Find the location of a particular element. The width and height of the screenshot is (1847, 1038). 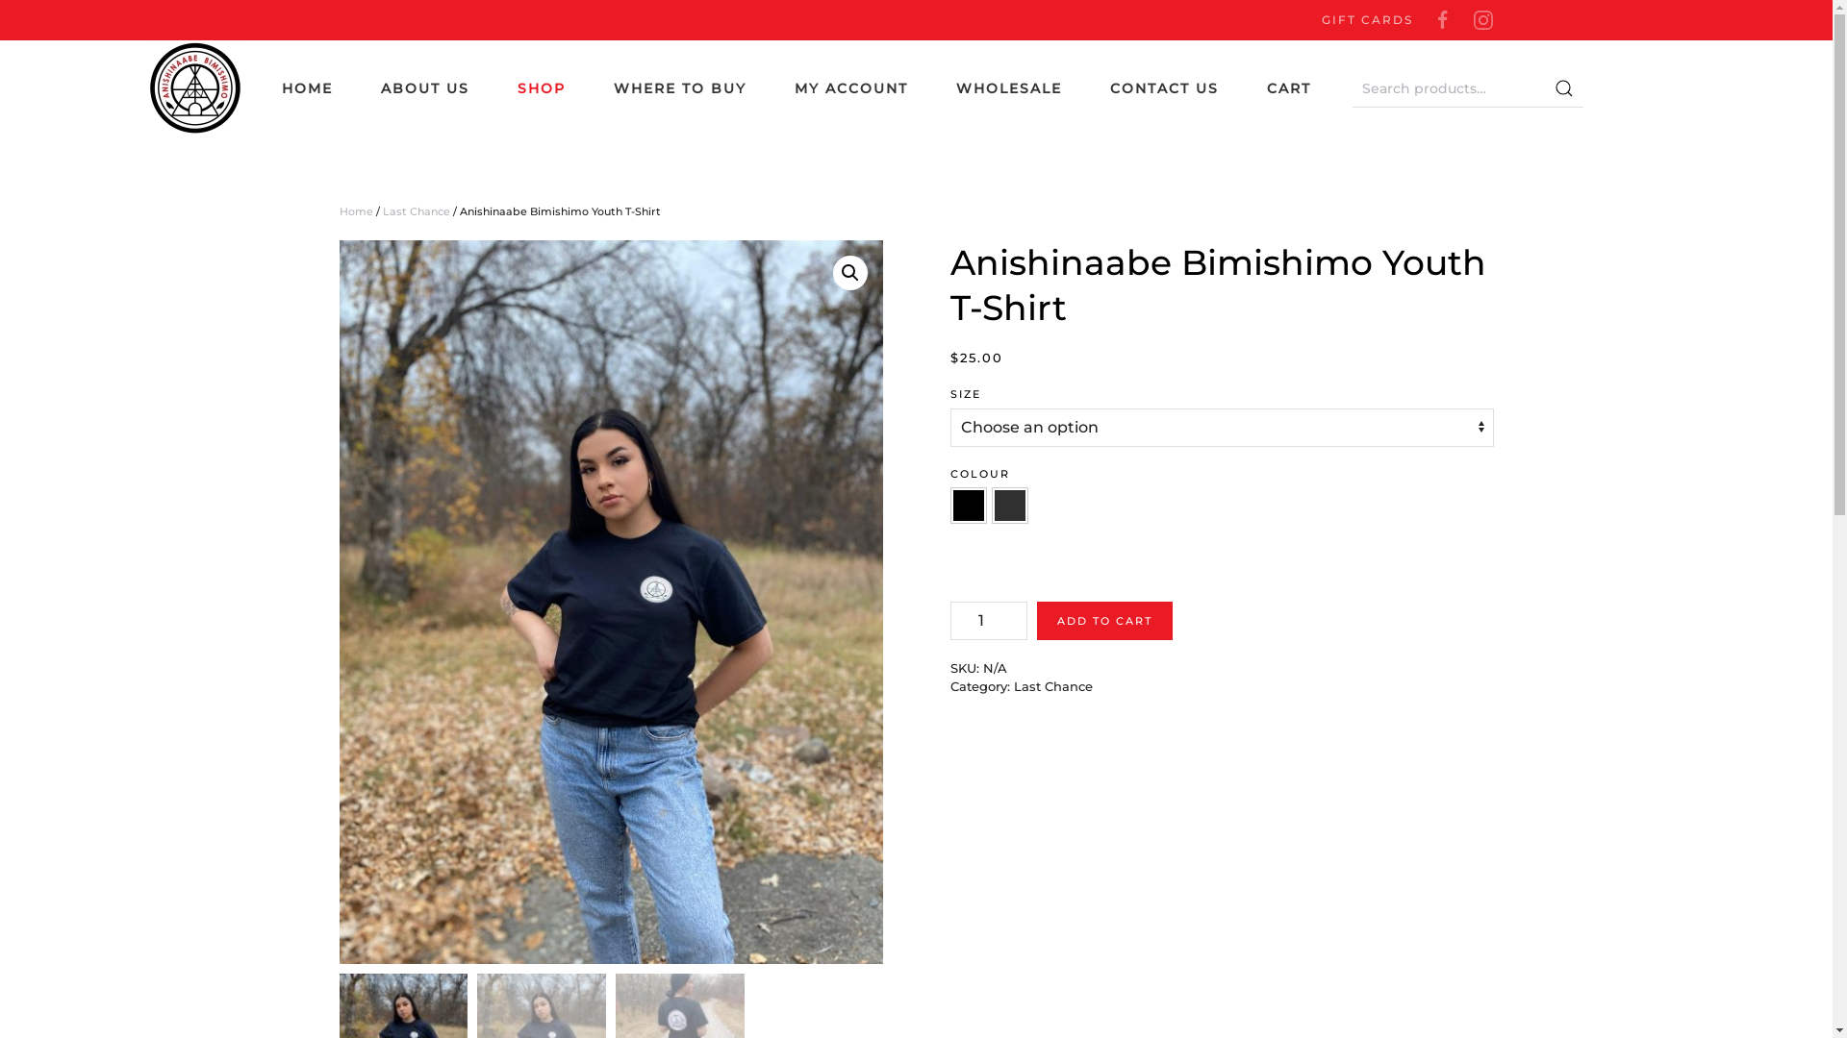

'HOME' is located at coordinates (305, 88).